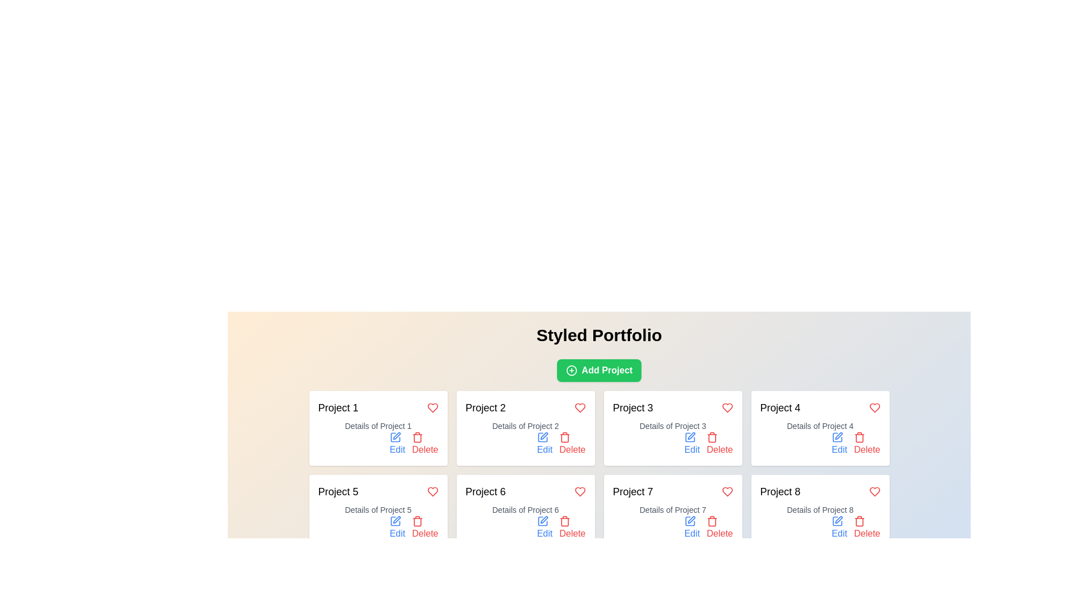 The width and height of the screenshot is (1088, 612). I want to click on the editing icon located next to the 'Edit' button in the 'Project 6' card for interaction, so click(544, 520).